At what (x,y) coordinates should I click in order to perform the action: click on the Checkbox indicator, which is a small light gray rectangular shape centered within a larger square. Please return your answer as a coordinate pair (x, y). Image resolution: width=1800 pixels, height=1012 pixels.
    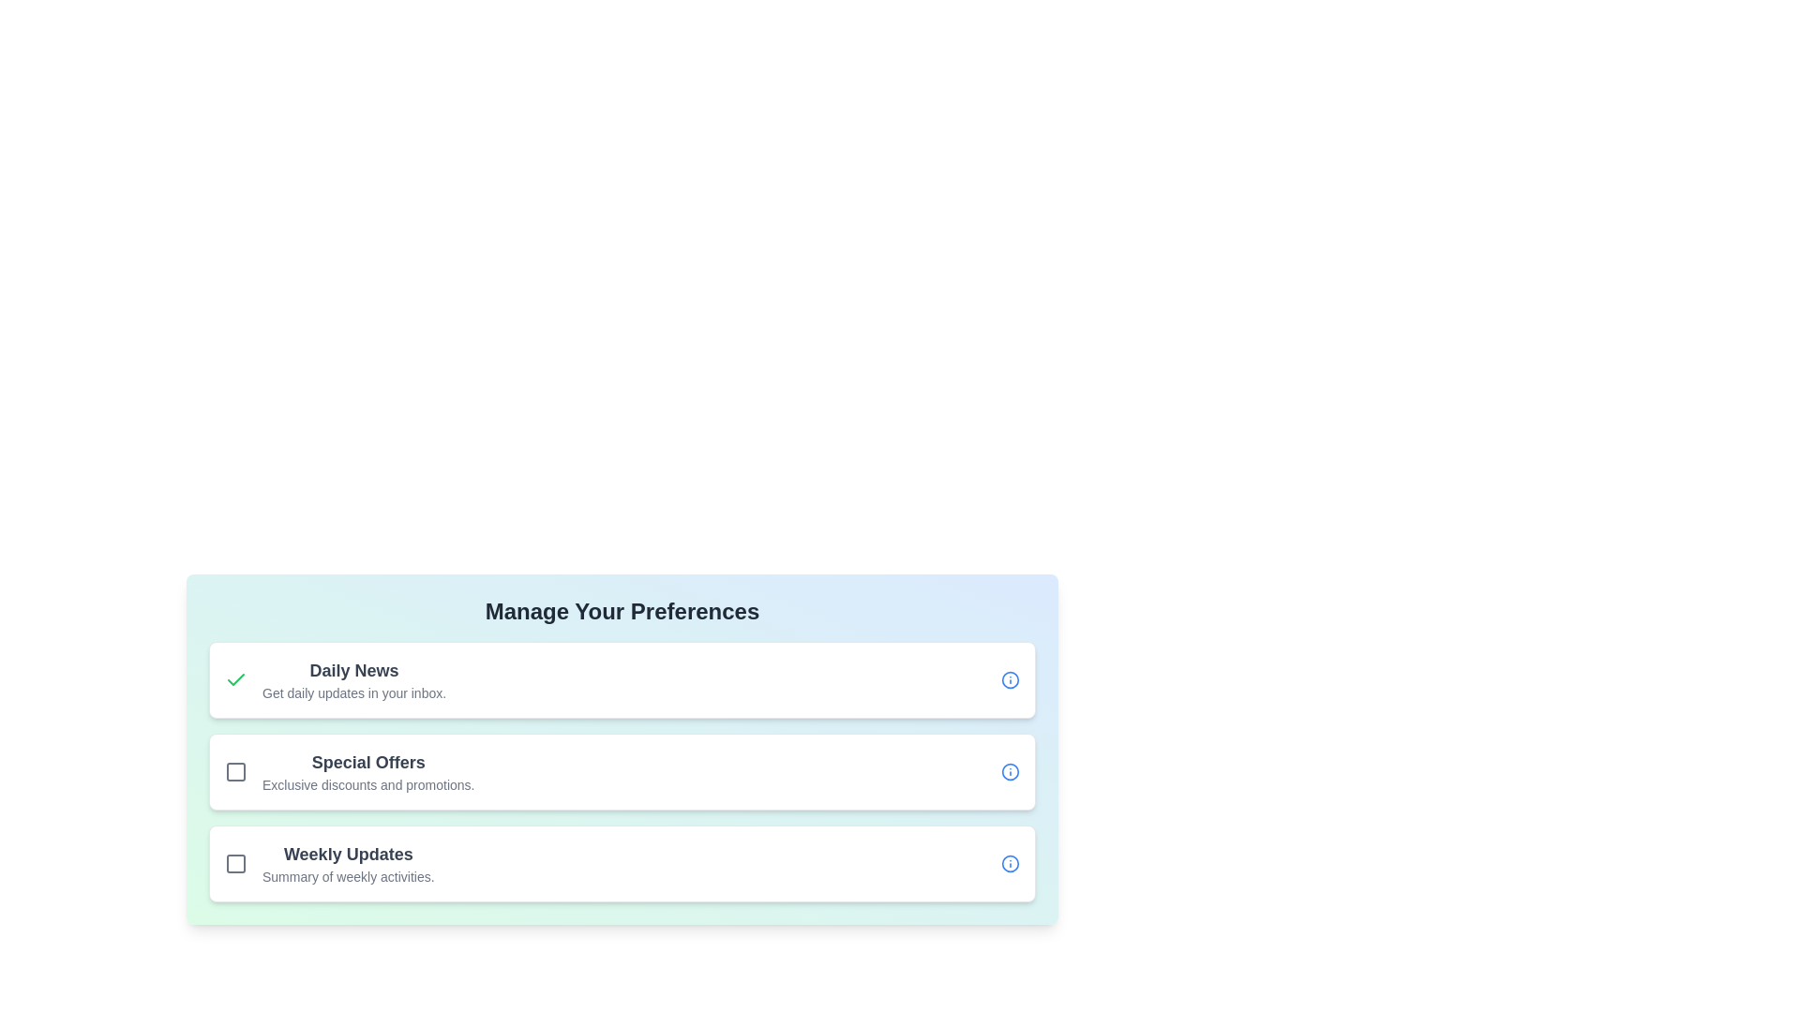
    Looking at the image, I should click on (235, 772).